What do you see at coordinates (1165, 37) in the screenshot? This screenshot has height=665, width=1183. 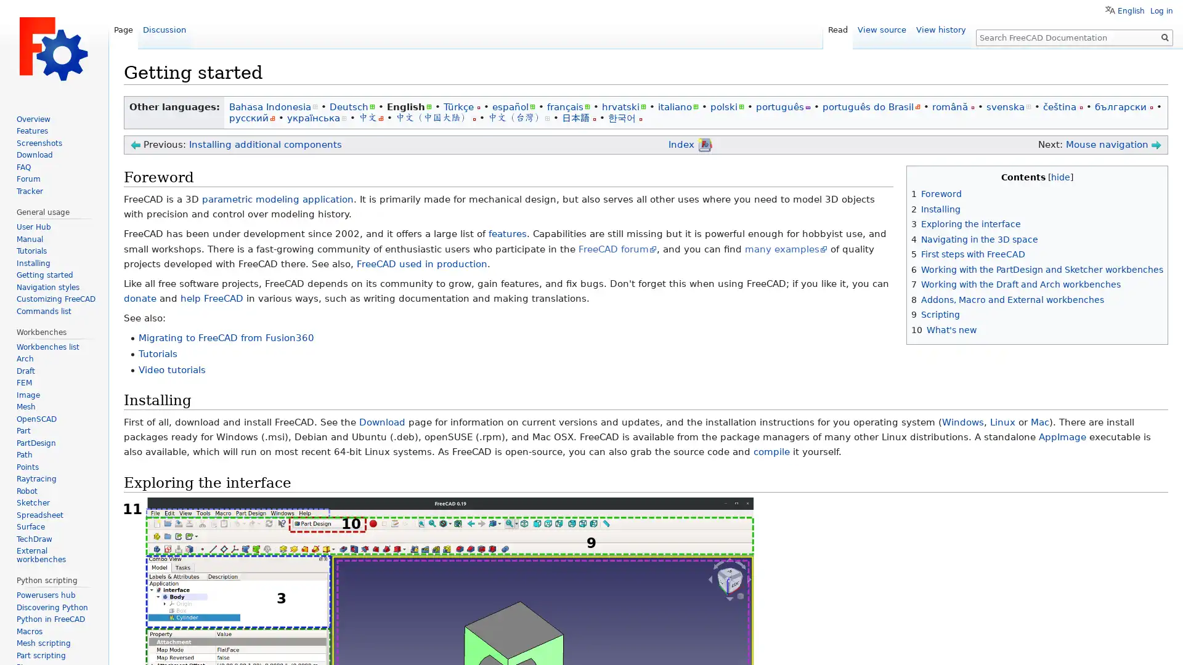 I see `Search` at bounding box center [1165, 37].